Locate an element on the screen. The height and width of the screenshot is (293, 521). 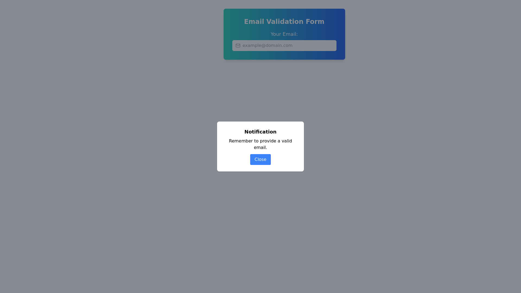
the Text Label that serves as the heading of the notification dialog, located within a white rounded rectangular message box is located at coordinates (260, 132).